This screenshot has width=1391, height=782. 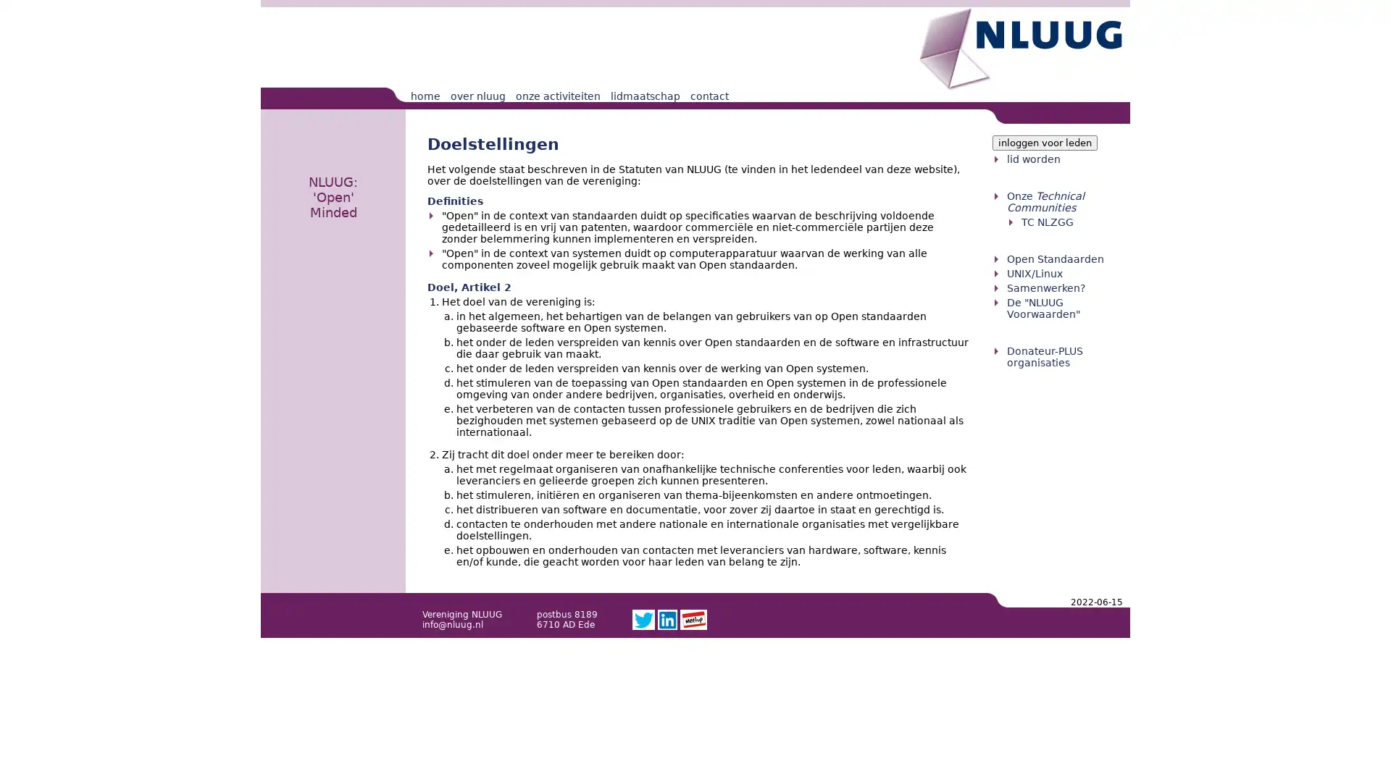 I want to click on inloggen voor leden, so click(x=1045, y=143).